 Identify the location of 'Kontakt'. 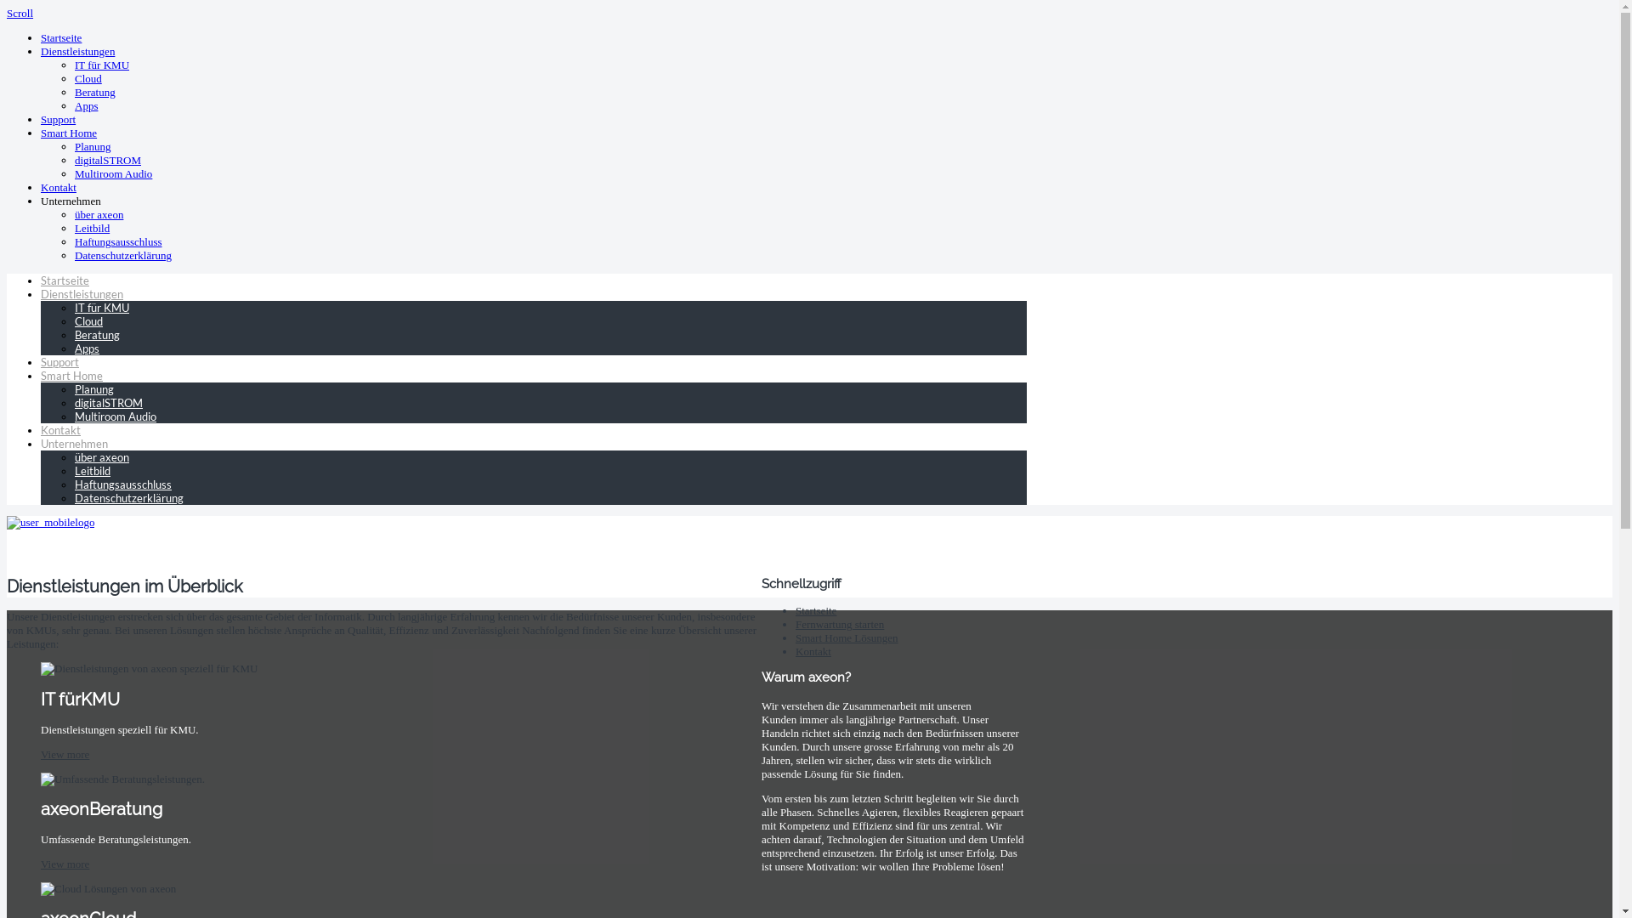
(58, 187).